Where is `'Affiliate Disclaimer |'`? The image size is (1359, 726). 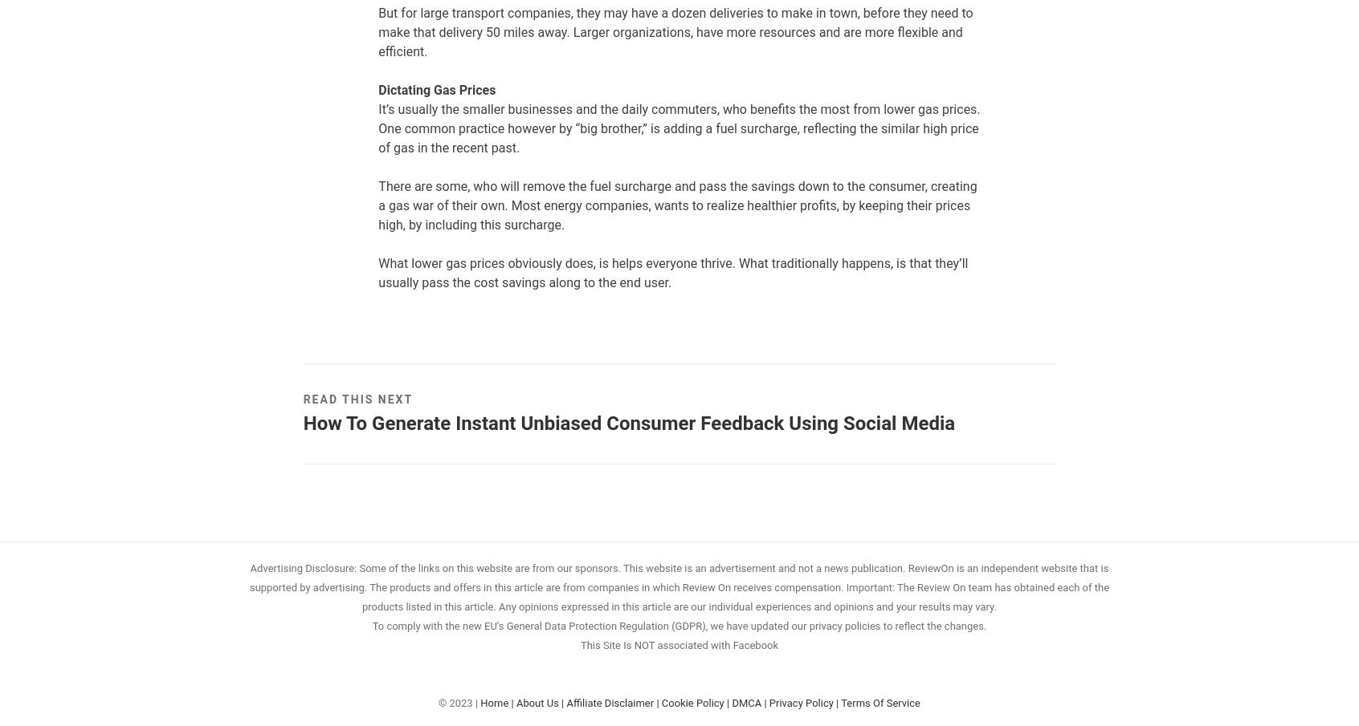
'Affiliate Disclaimer |' is located at coordinates (566, 702).